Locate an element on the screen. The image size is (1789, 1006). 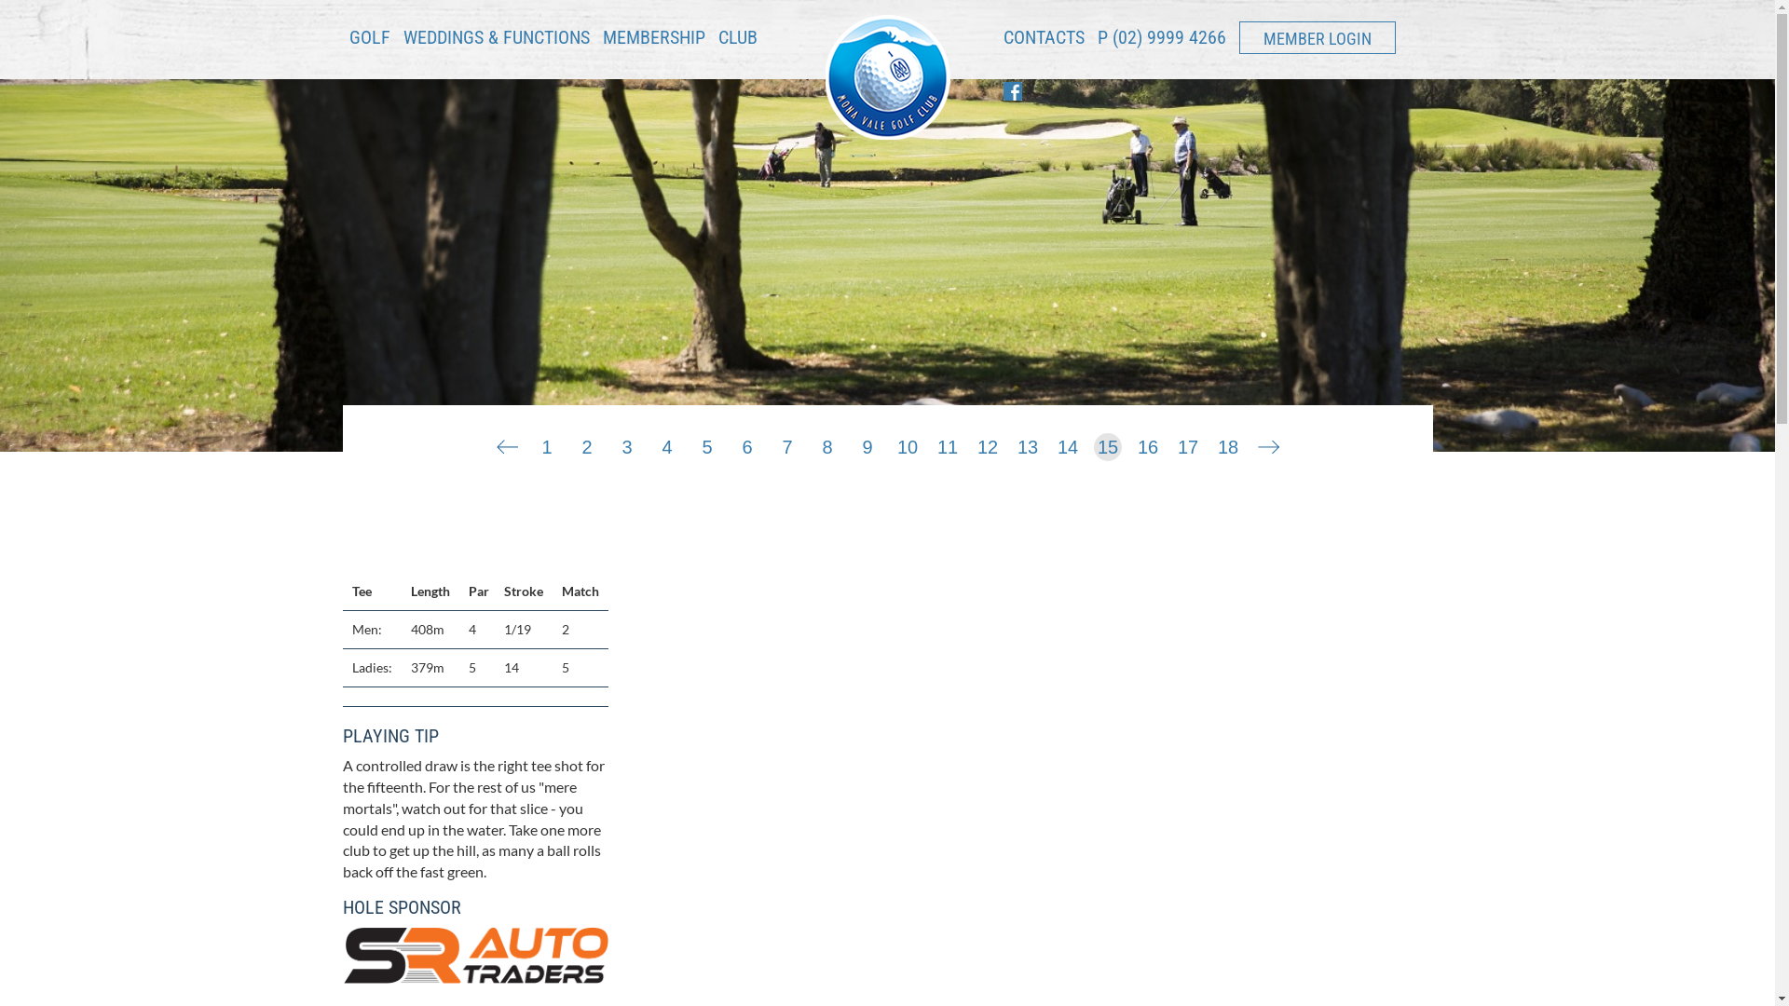
'15' is located at coordinates (1108, 442).